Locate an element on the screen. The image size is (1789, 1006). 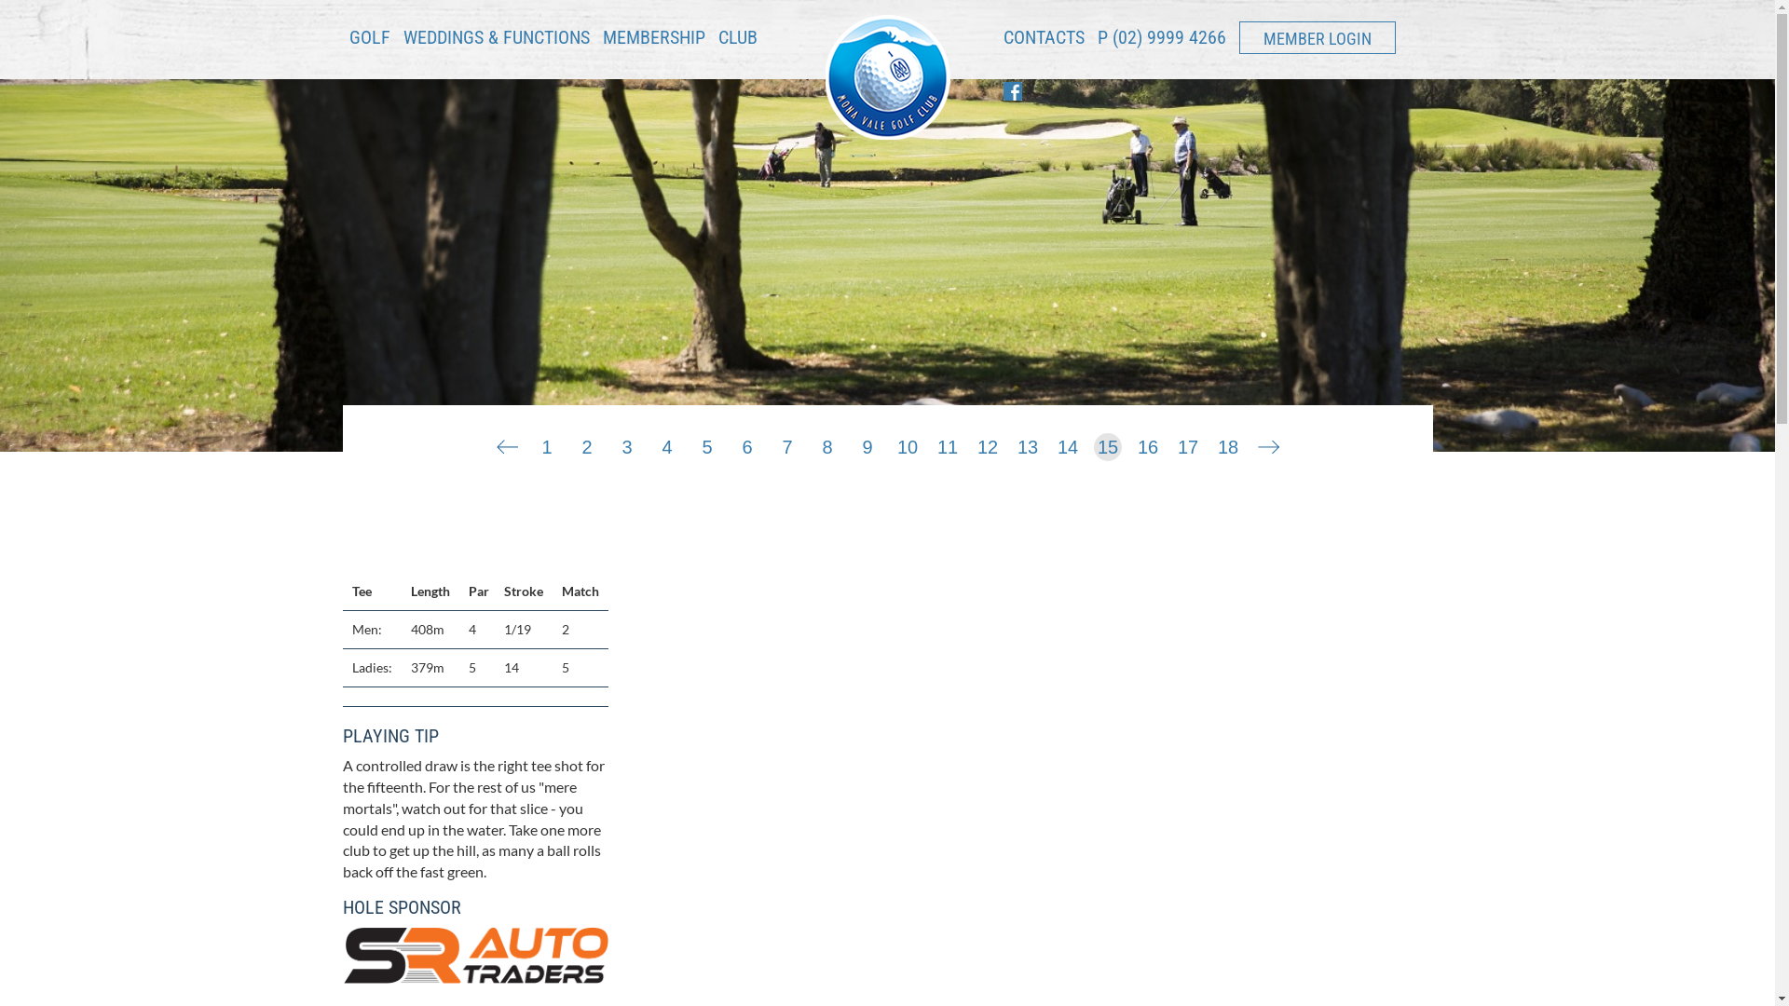
'15' is located at coordinates (1108, 442).